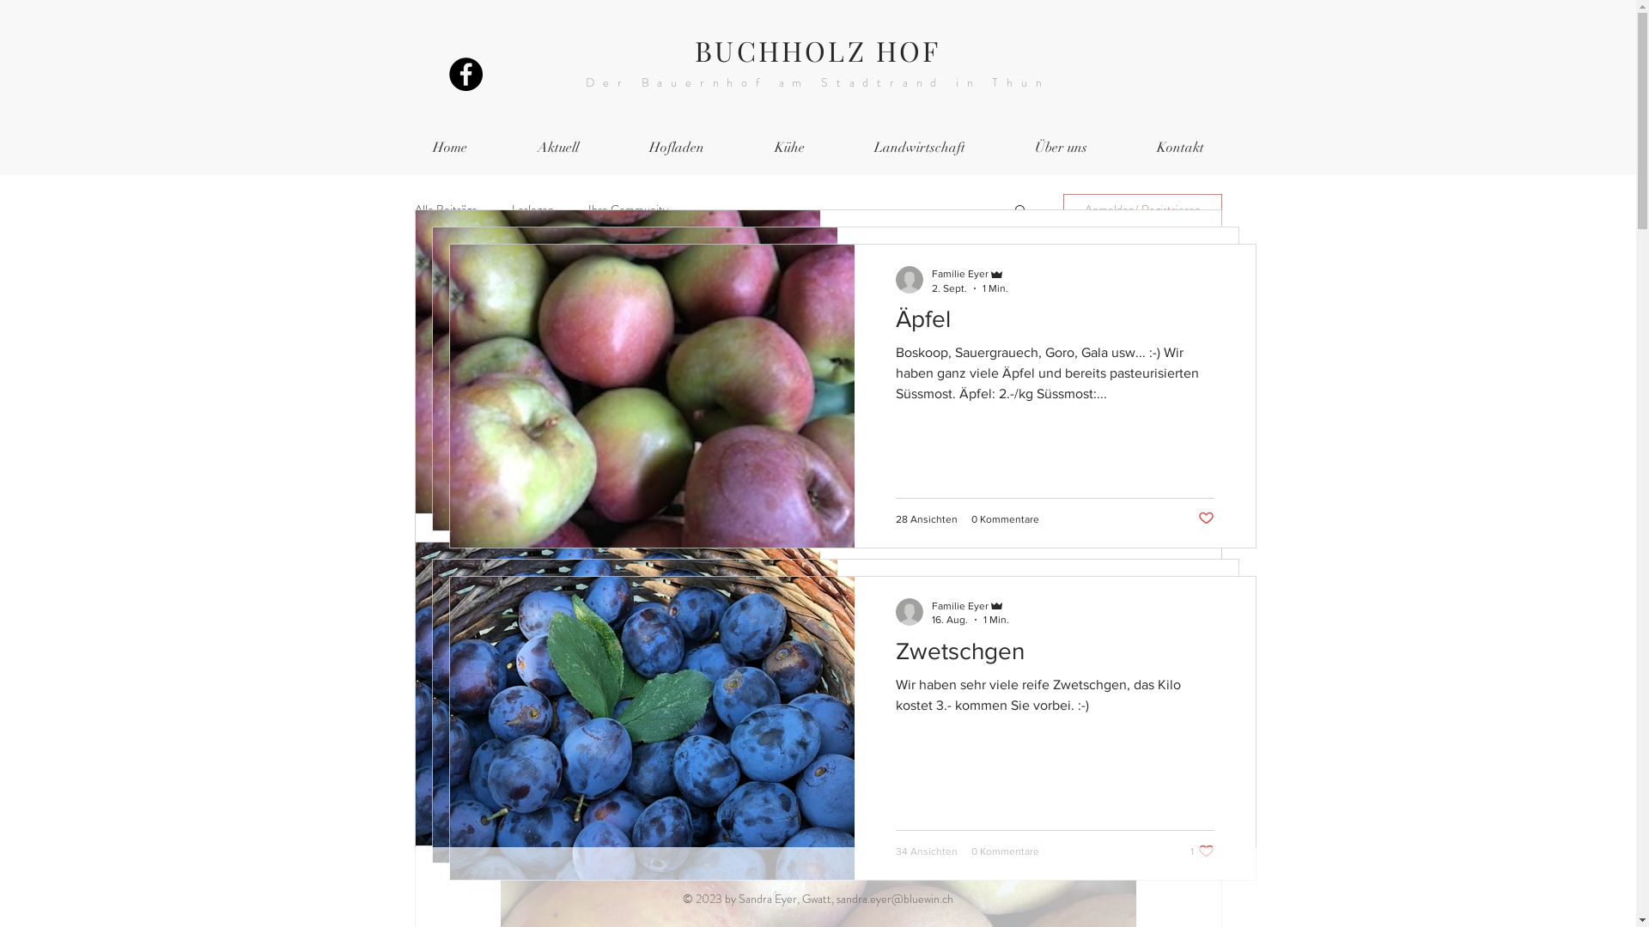 The width and height of the screenshot is (1649, 927). Describe the element at coordinates (970, 484) in the screenshot. I see `'0 Kommentare'` at that location.